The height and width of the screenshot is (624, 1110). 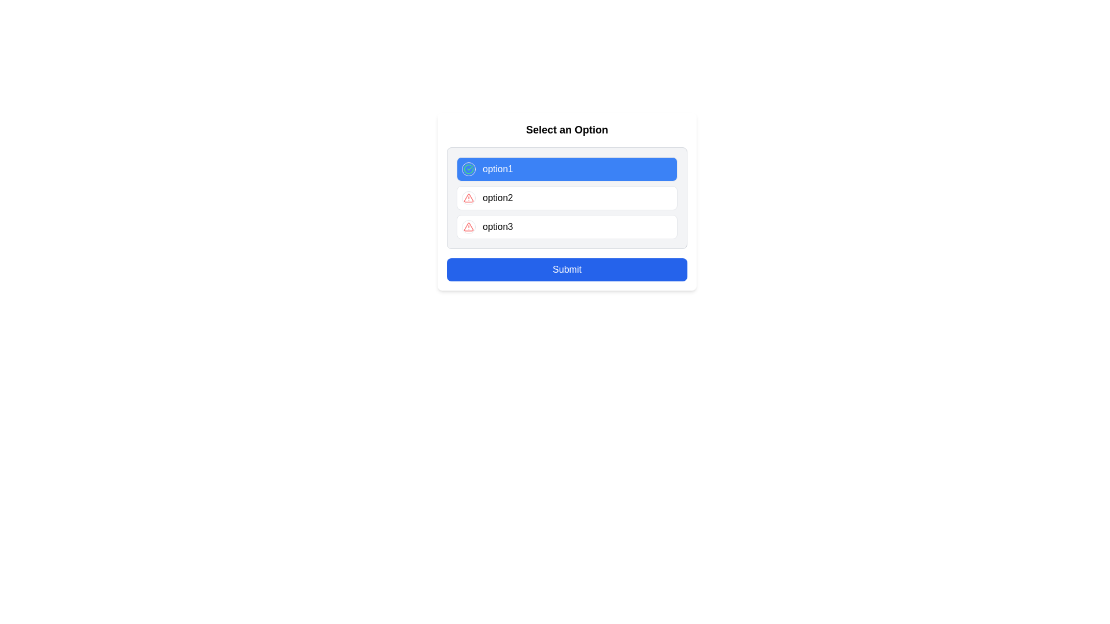 I want to click on the first option button in a vertically-stacked group of three options, so click(x=567, y=169).